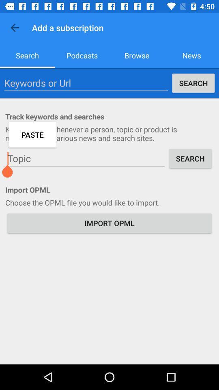 This screenshot has height=390, width=219. What do you see at coordinates (15, 28) in the screenshot?
I see `app to the left of add a subscription app` at bounding box center [15, 28].